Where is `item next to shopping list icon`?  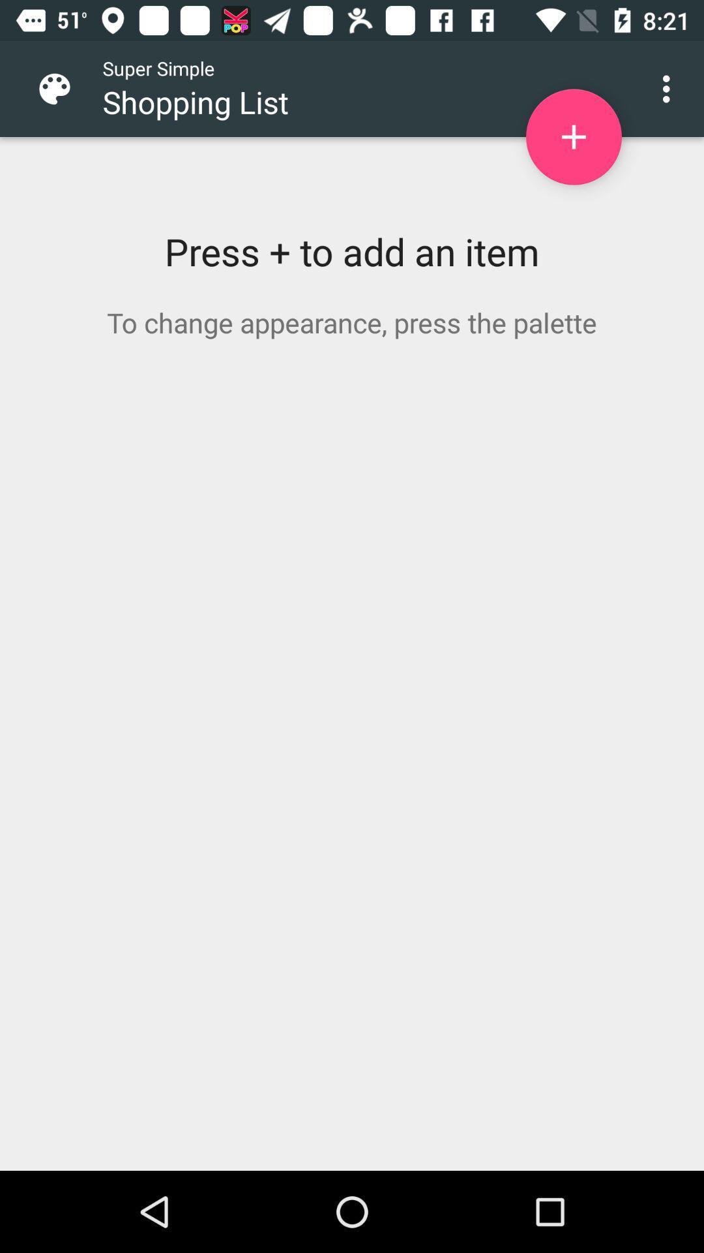
item next to shopping list icon is located at coordinates (573, 137).